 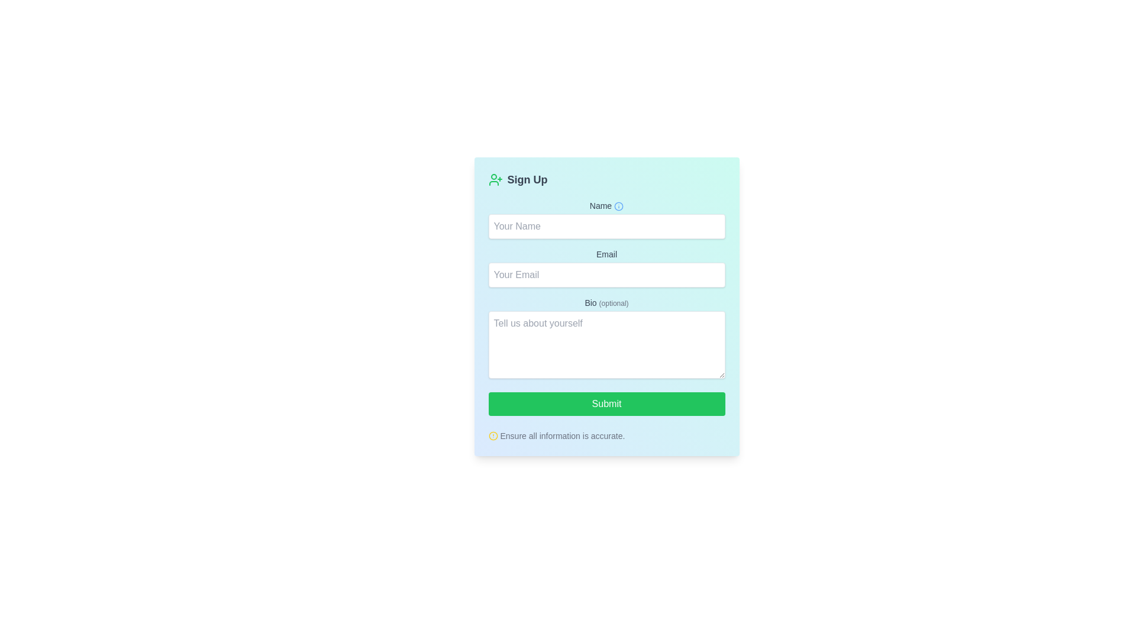 I want to click on the 'Name' label, which is displayed in a small, medium-weight gray font and is positioned above the 'Your Name' input field, so click(x=606, y=205).